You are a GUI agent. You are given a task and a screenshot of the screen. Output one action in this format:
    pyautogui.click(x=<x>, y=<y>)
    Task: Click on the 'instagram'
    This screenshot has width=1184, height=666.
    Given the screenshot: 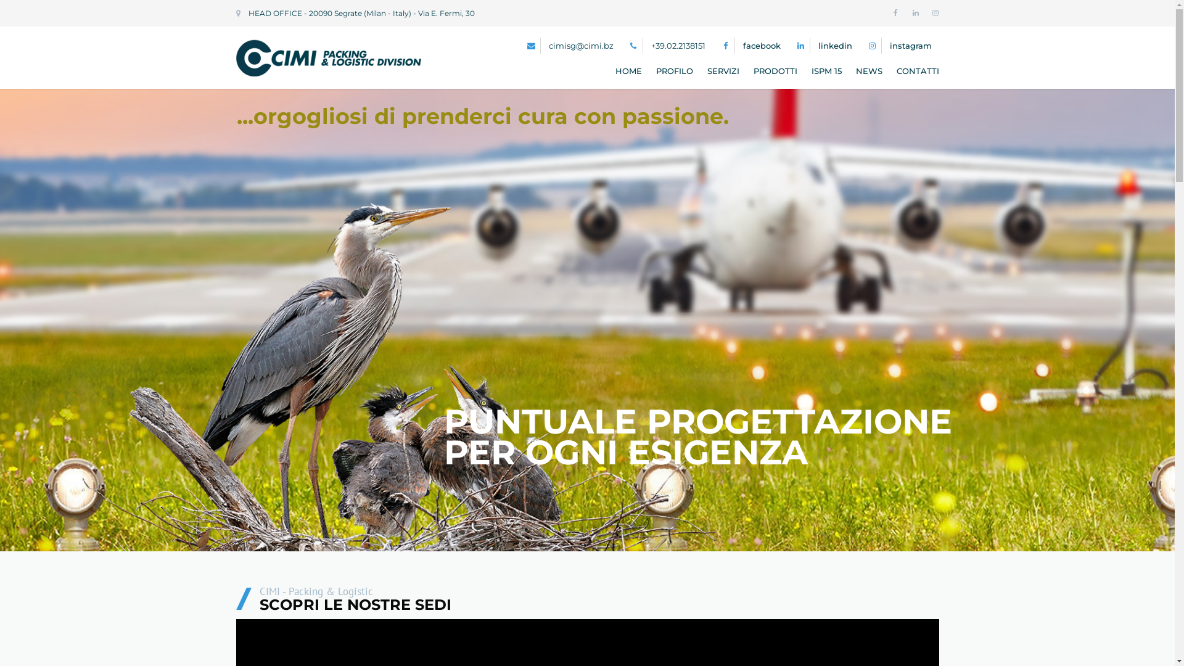 What is the action you would take?
    pyautogui.click(x=889, y=44)
    